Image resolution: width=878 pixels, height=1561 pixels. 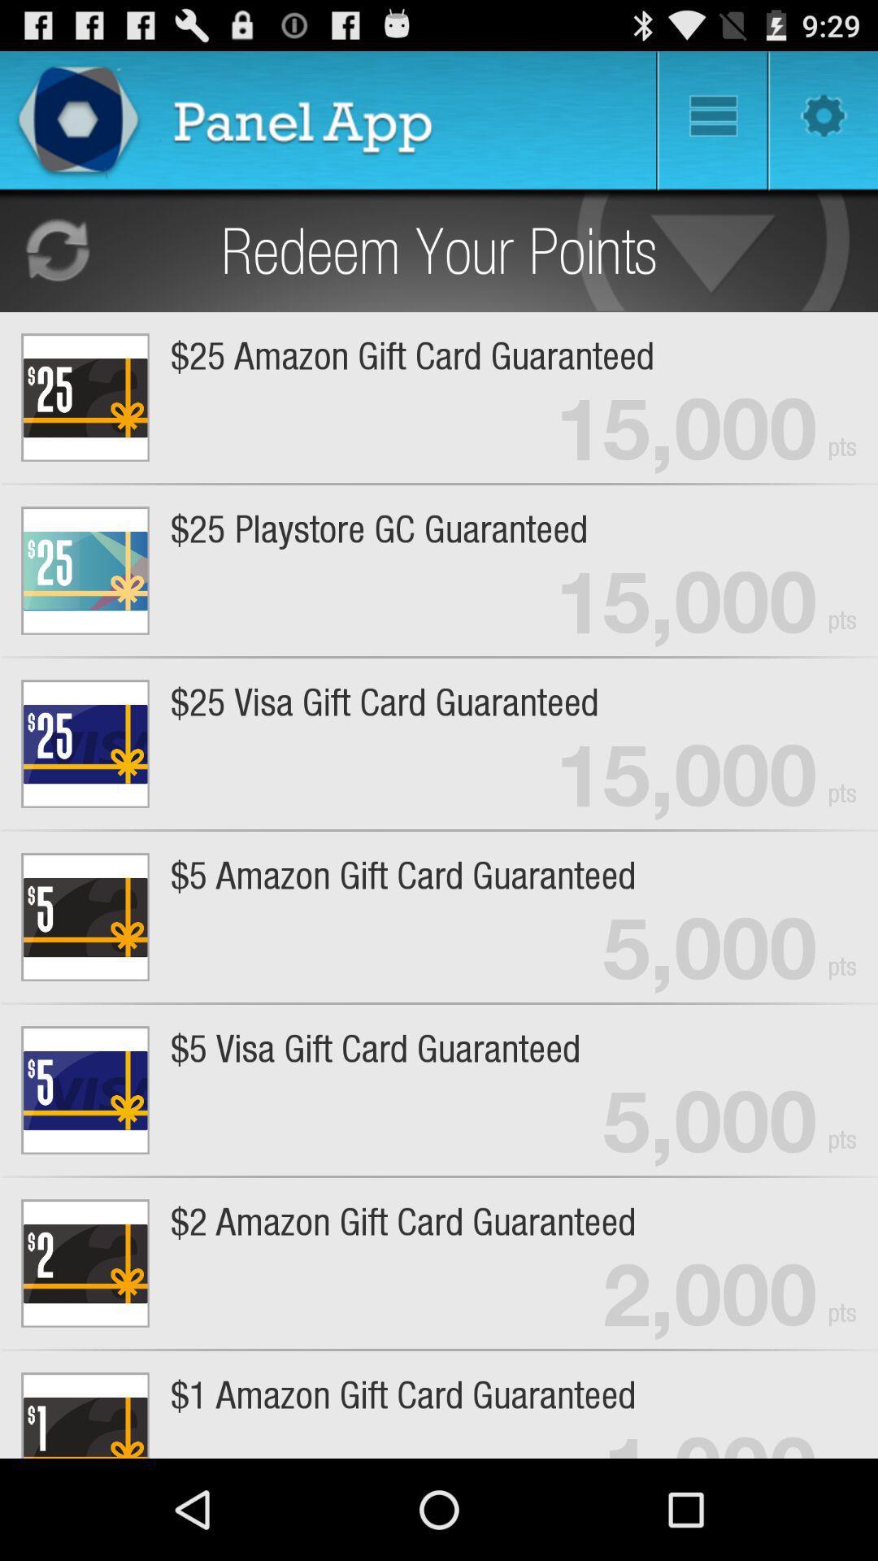 What do you see at coordinates (59, 267) in the screenshot?
I see `the refresh icon` at bounding box center [59, 267].